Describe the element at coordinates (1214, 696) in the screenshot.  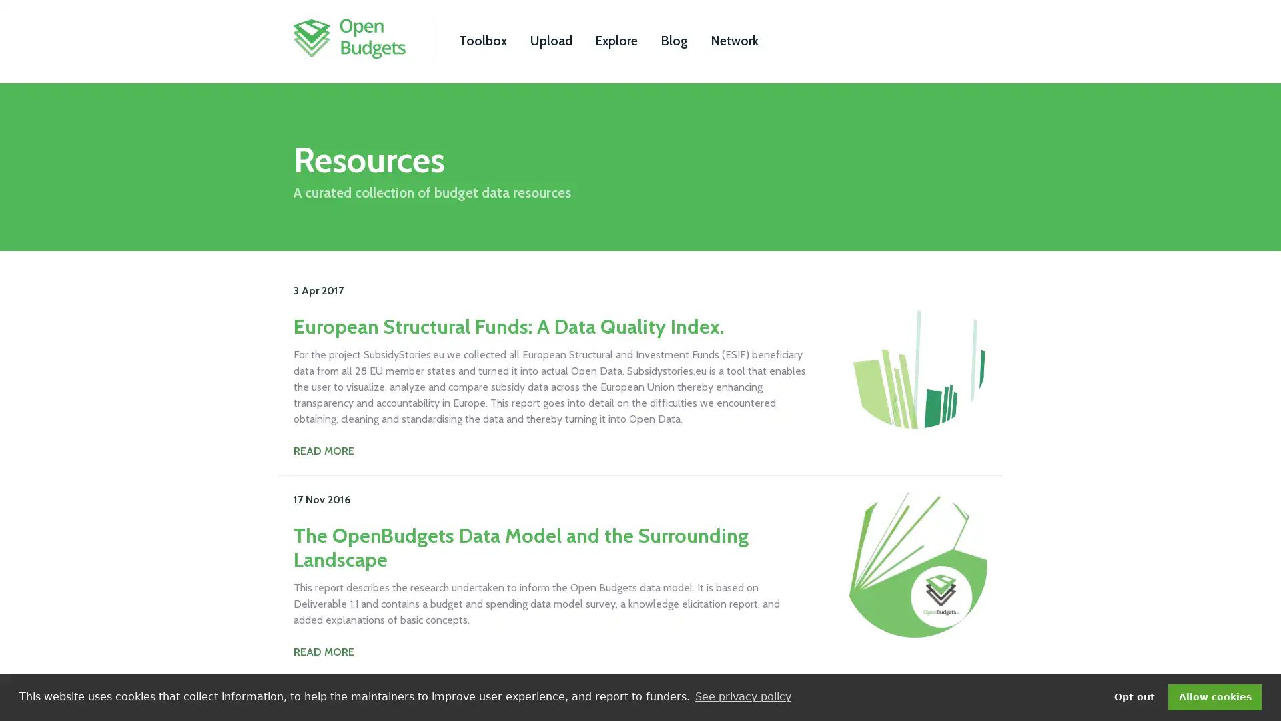
I see `dismiss cookie message` at that location.